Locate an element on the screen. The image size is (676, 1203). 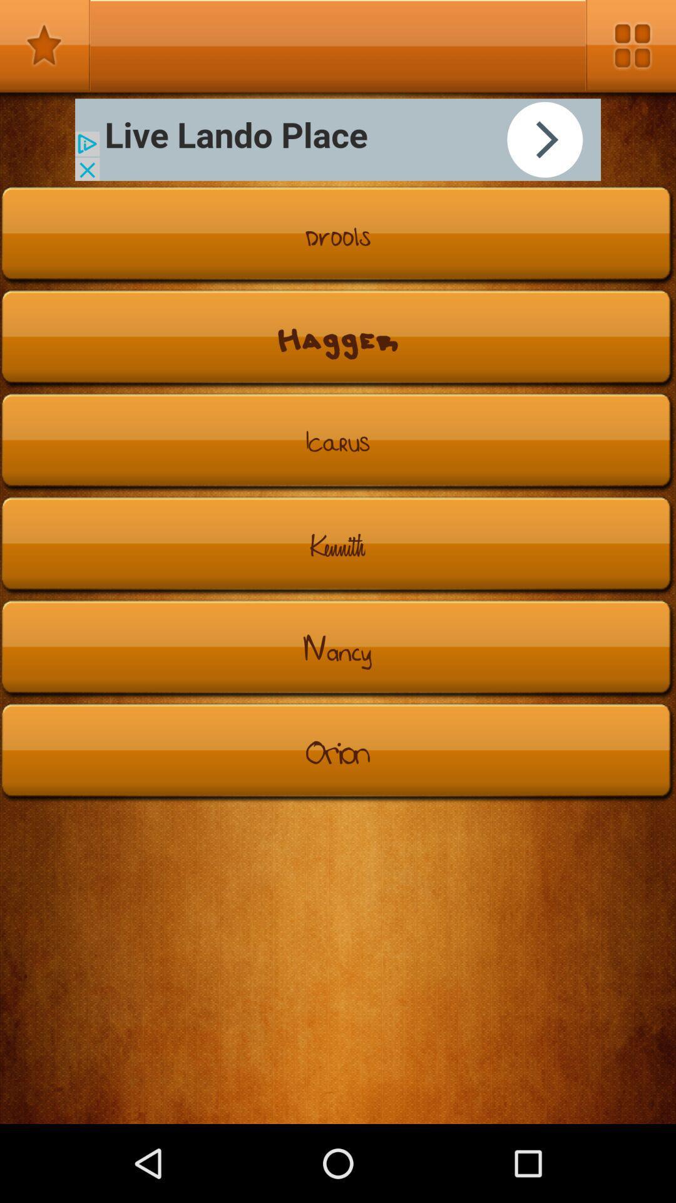
favourable button is located at coordinates (44, 45).